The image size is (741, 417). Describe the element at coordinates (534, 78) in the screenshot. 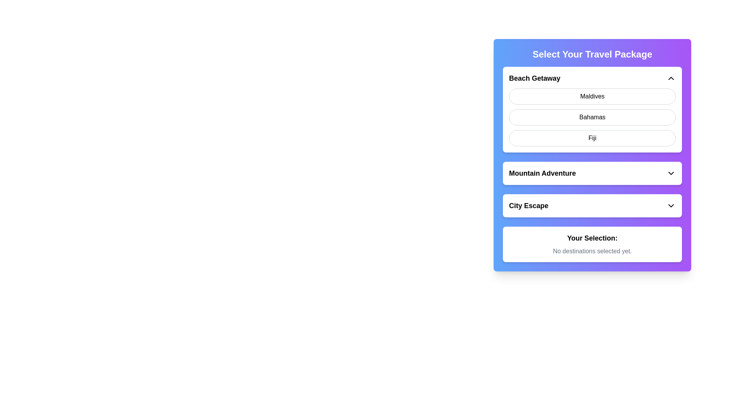

I see `the text label for the 'Beach Getaway' travel package located at the top-left corner of the travel package selection panel` at that location.